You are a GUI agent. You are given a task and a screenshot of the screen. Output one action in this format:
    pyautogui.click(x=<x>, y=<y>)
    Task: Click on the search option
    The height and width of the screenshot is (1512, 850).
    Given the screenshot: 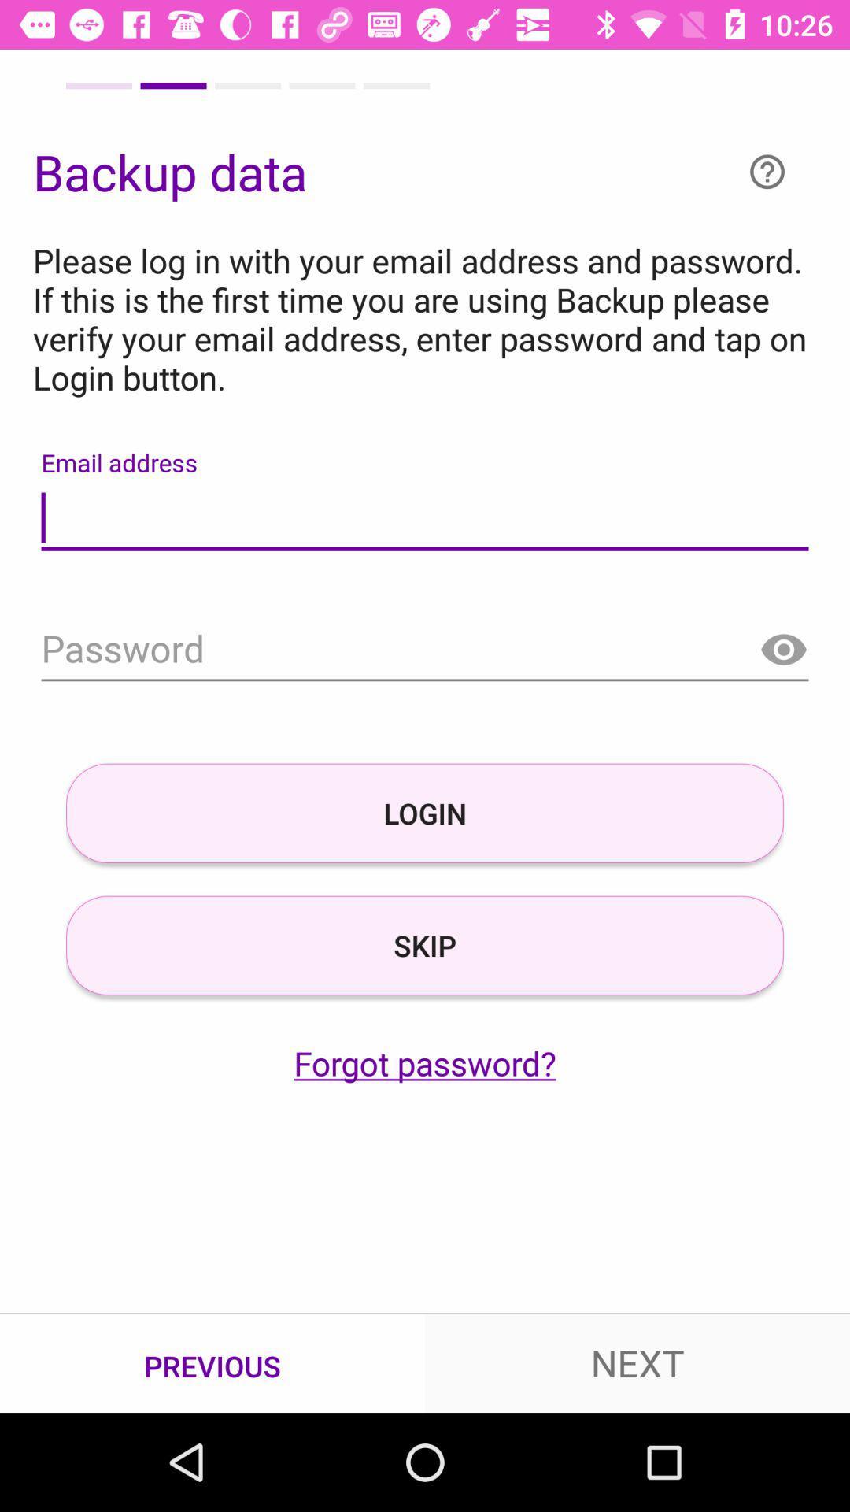 What is the action you would take?
    pyautogui.click(x=425, y=650)
    